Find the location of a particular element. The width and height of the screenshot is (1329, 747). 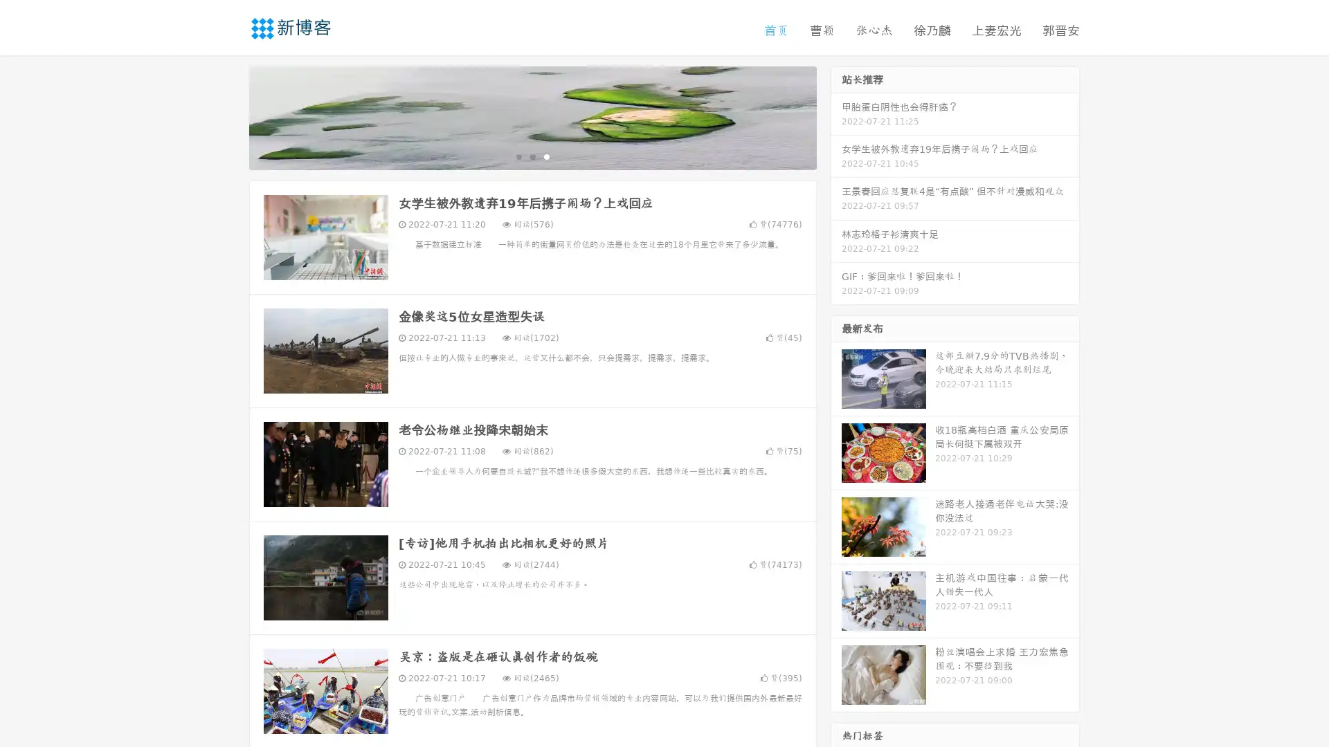

Go to slide 1 is located at coordinates (518, 156).